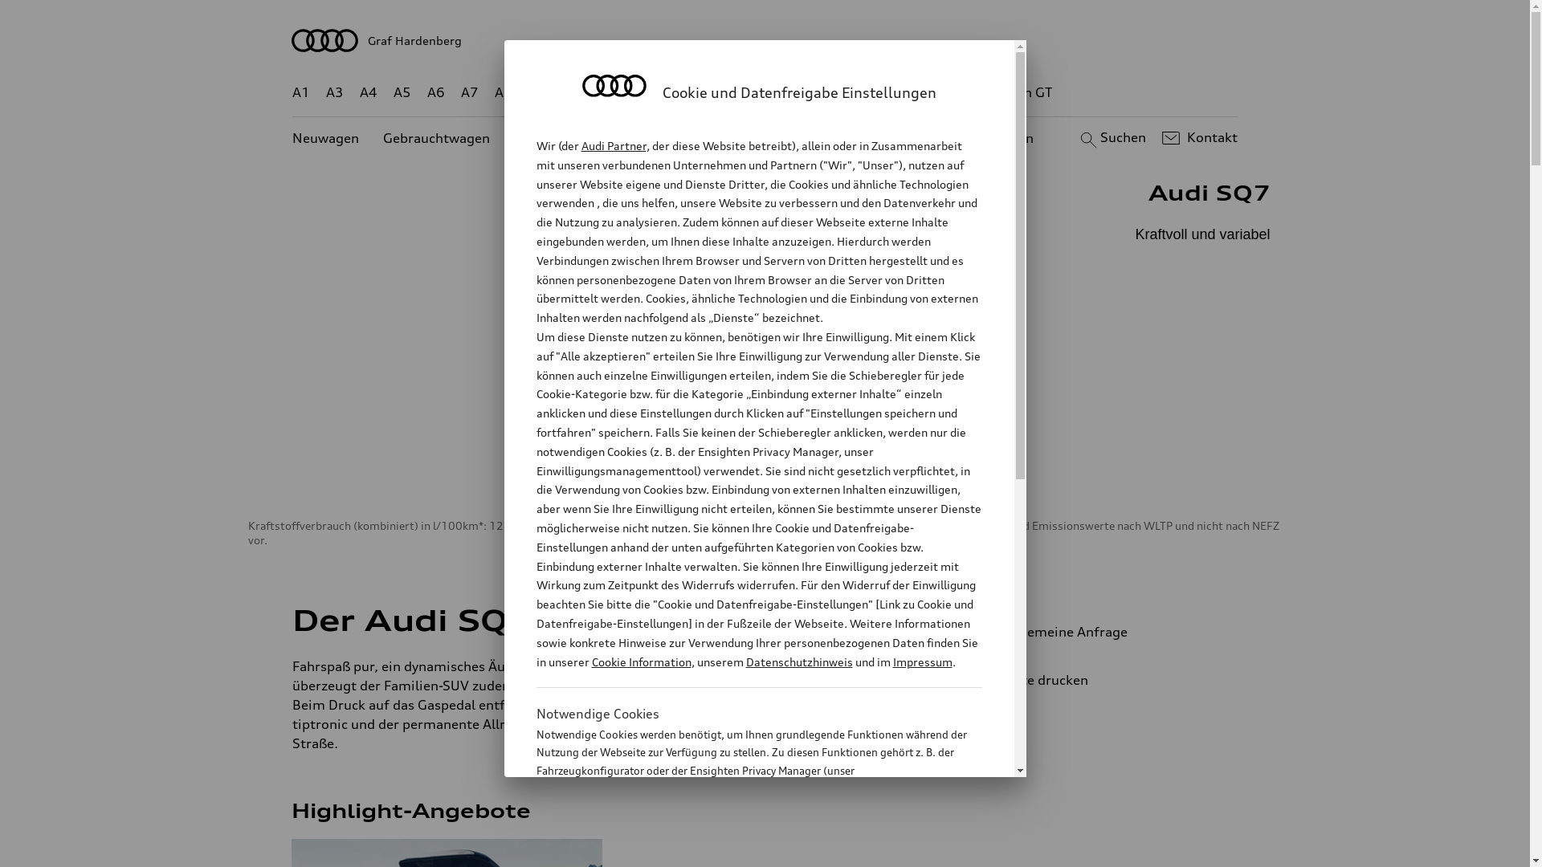 The height and width of the screenshot is (867, 1542). Describe the element at coordinates (503, 92) in the screenshot. I see `'A8'` at that location.